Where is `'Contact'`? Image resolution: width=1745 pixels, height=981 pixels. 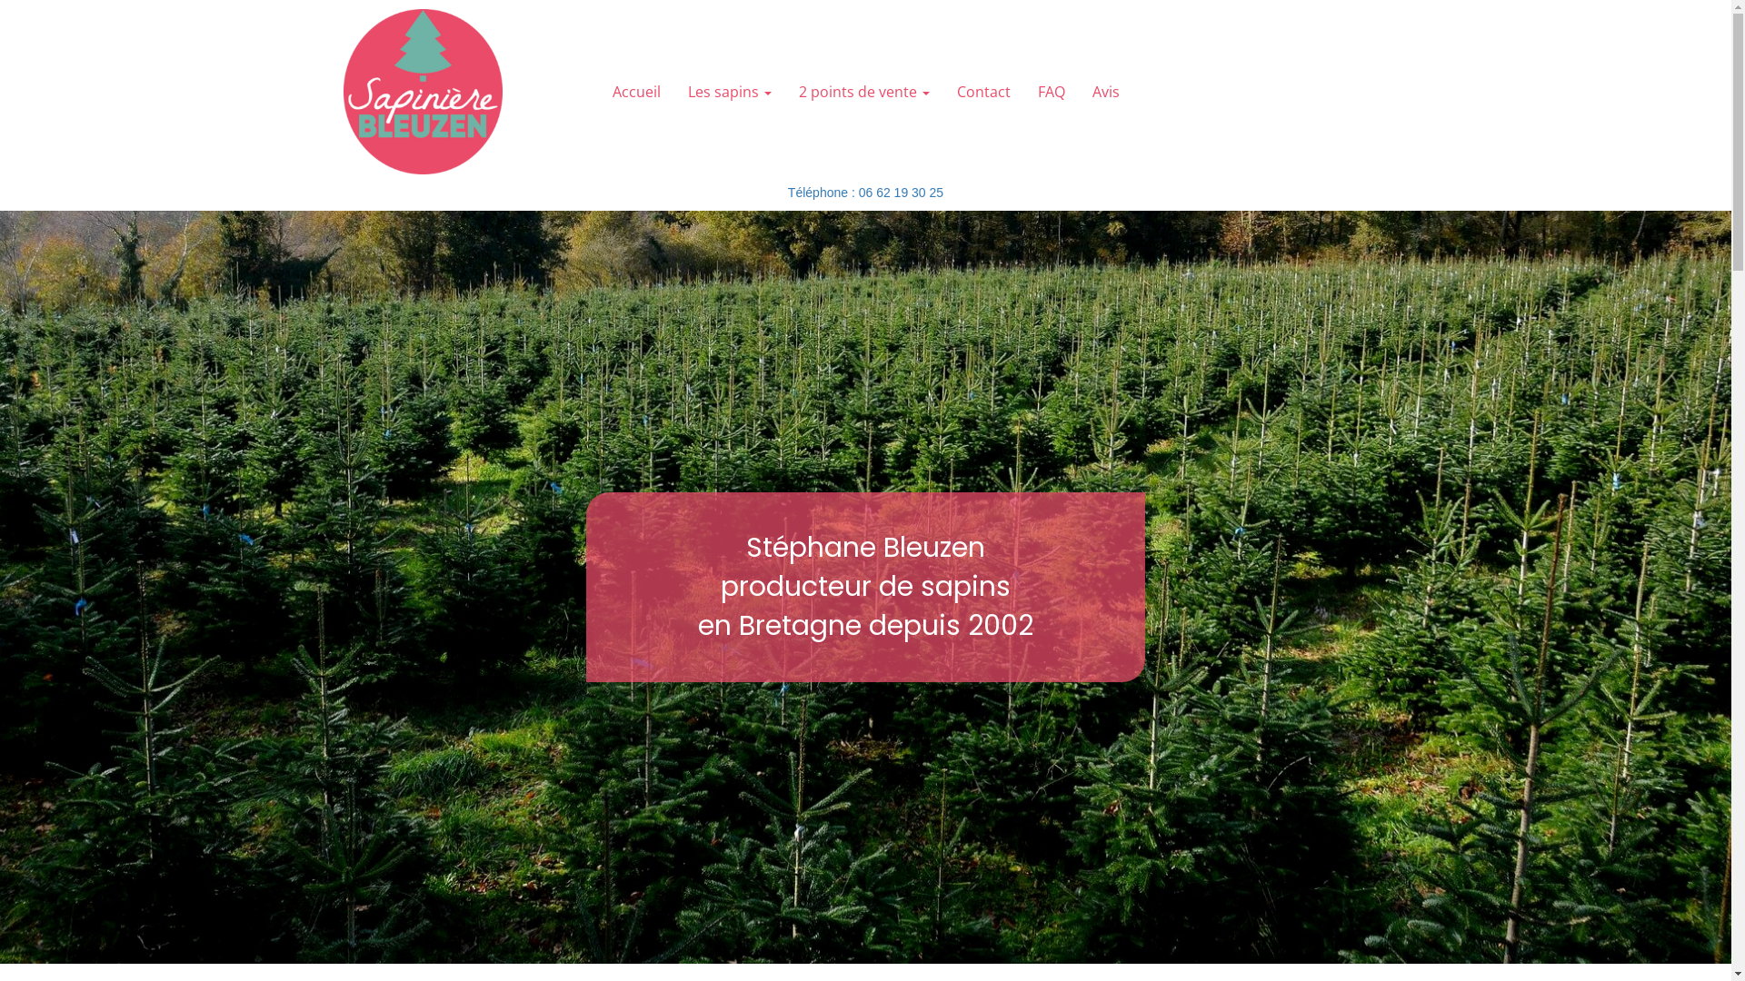 'Contact' is located at coordinates (982, 92).